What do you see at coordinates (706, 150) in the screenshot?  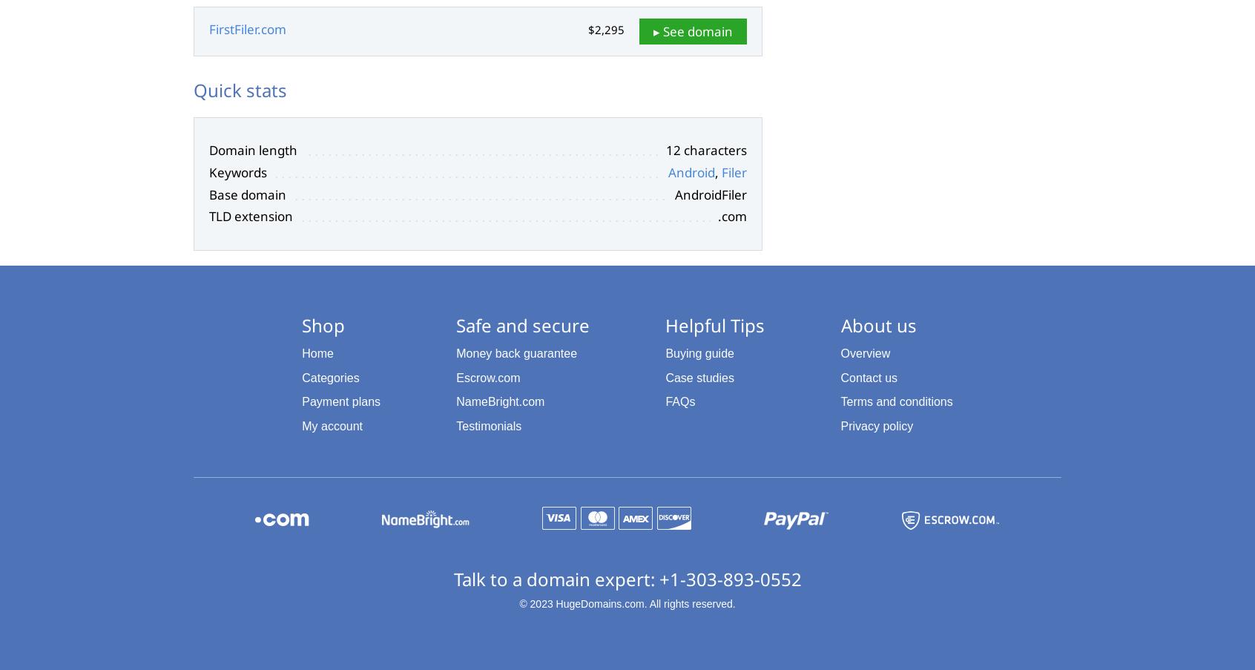 I see `'12 characters'` at bounding box center [706, 150].